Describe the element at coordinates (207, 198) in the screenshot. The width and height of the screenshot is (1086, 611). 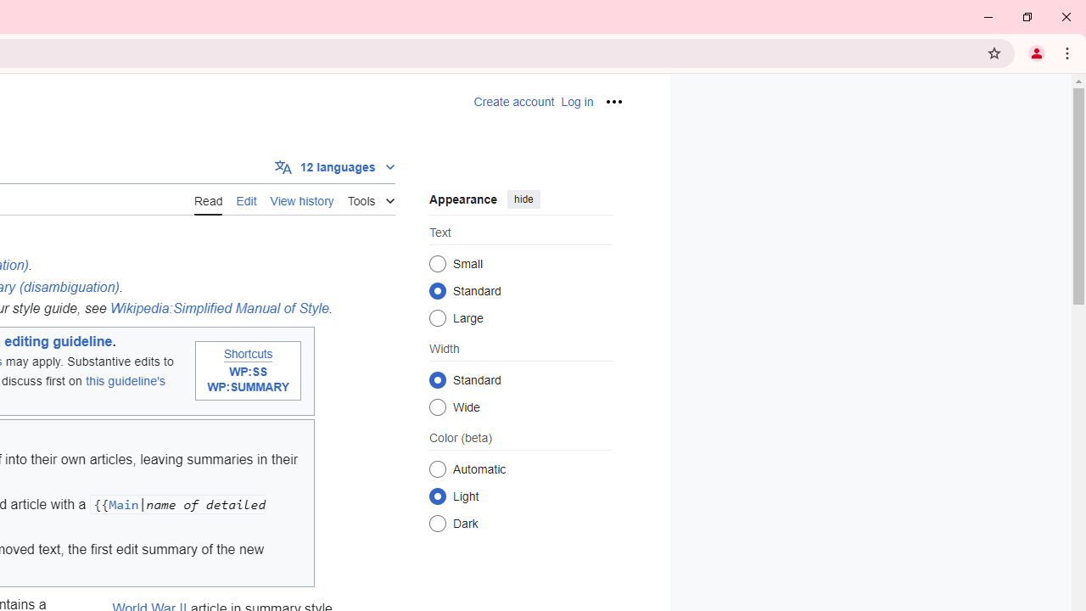
I see `'AutomationID: ca-view'` at that location.